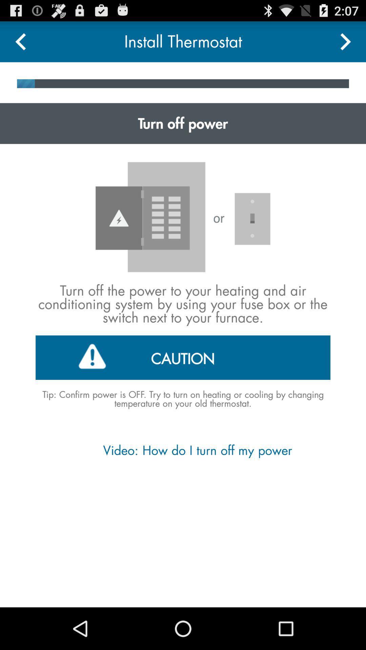 The width and height of the screenshot is (366, 650). What do you see at coordinates (20, 44) in the screenshot?
I see `the arrow_backward icon` at bounding box center [20, 44].